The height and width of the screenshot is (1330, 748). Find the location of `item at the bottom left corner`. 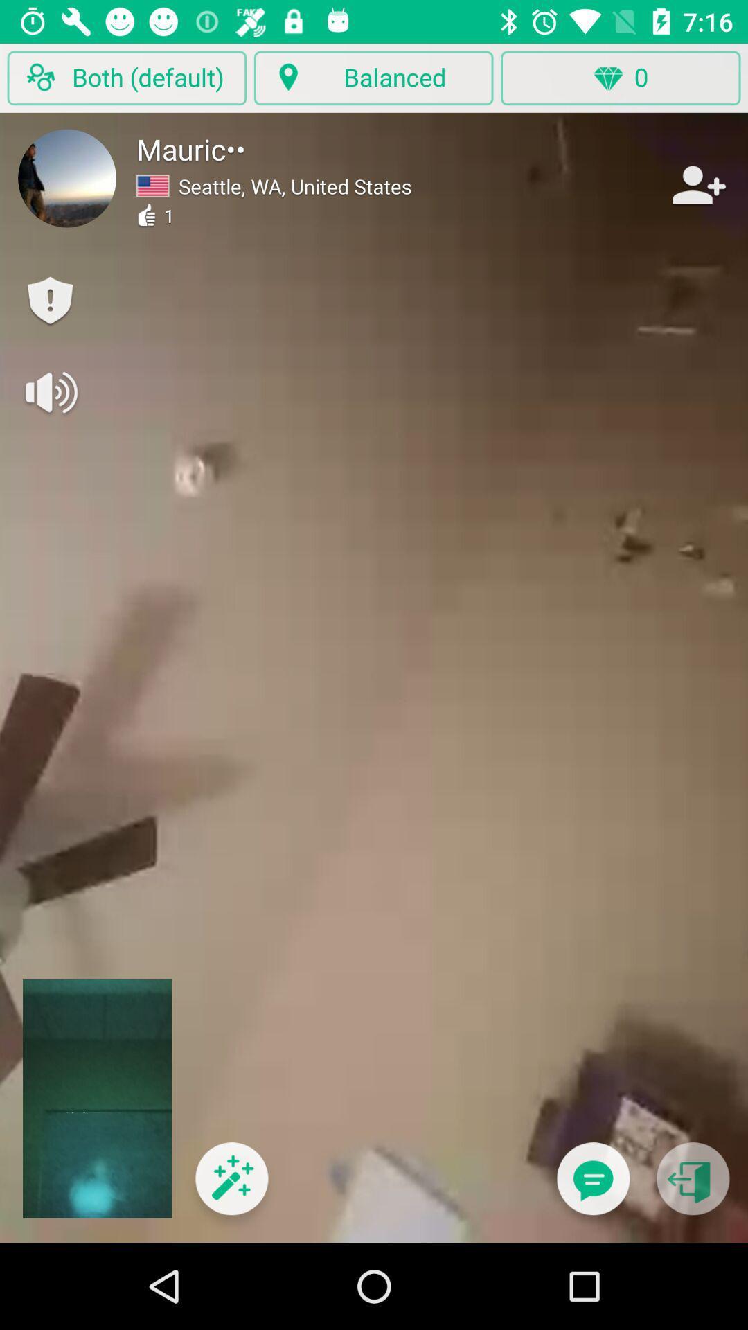

item at the bottom left corner is located at coordinates (231, 1187).